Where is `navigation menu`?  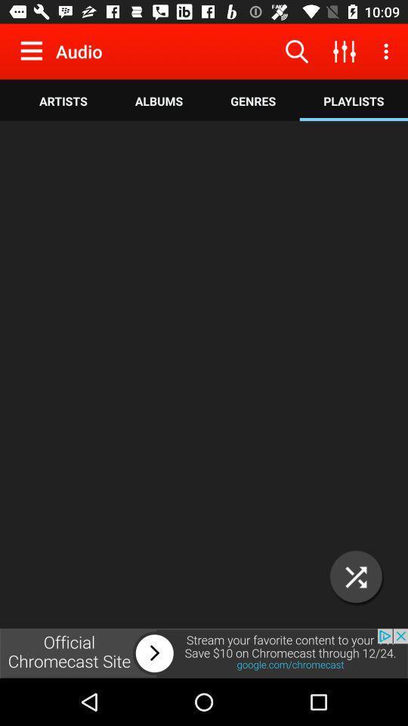
navigation menu is located at coordinates (35, 51).